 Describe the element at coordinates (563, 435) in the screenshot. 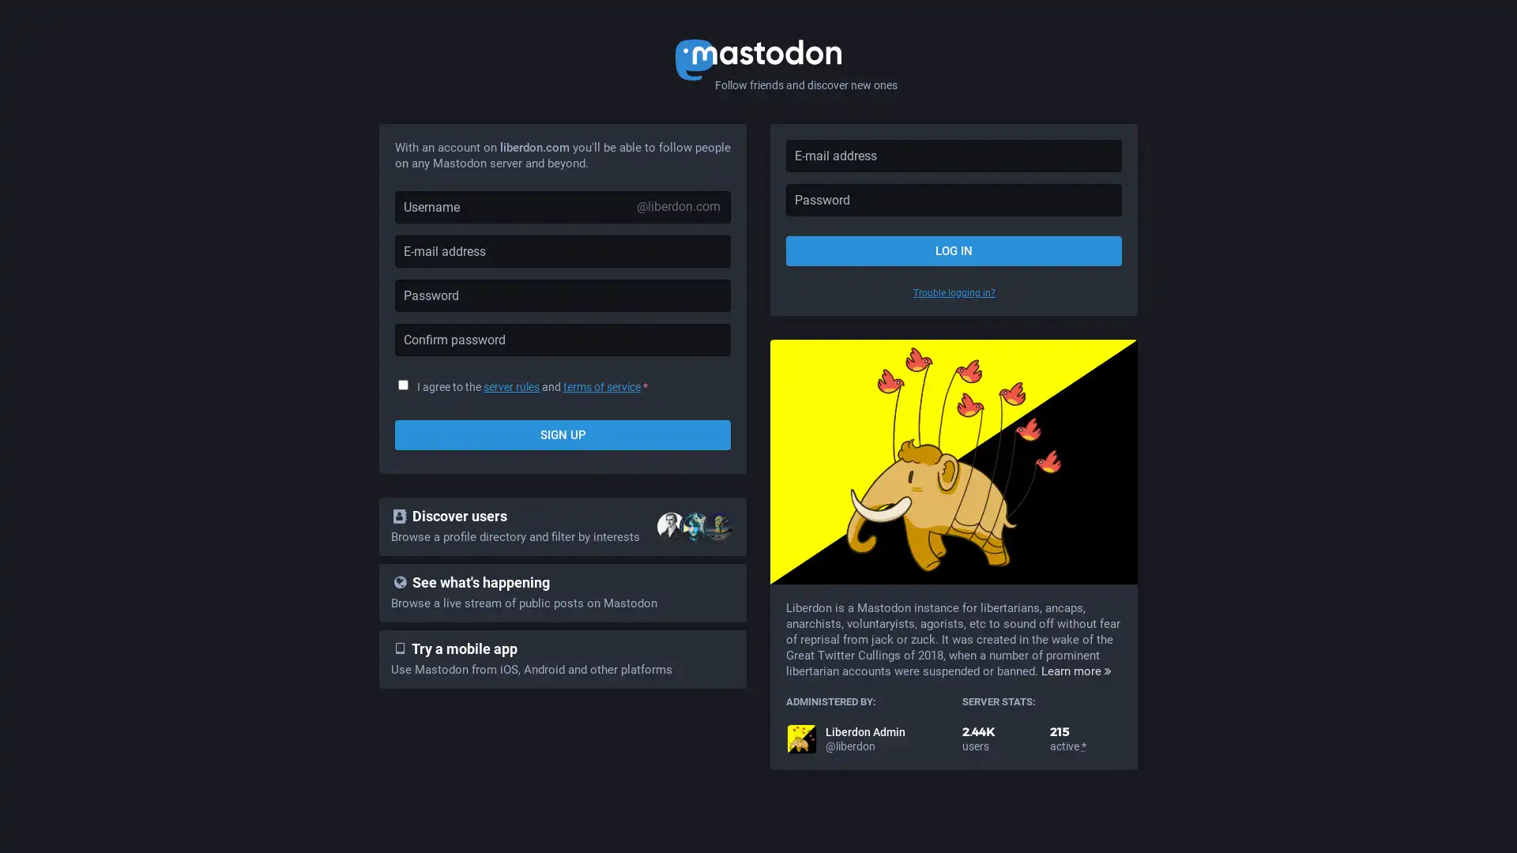

I see `SIGN UP` at that location.